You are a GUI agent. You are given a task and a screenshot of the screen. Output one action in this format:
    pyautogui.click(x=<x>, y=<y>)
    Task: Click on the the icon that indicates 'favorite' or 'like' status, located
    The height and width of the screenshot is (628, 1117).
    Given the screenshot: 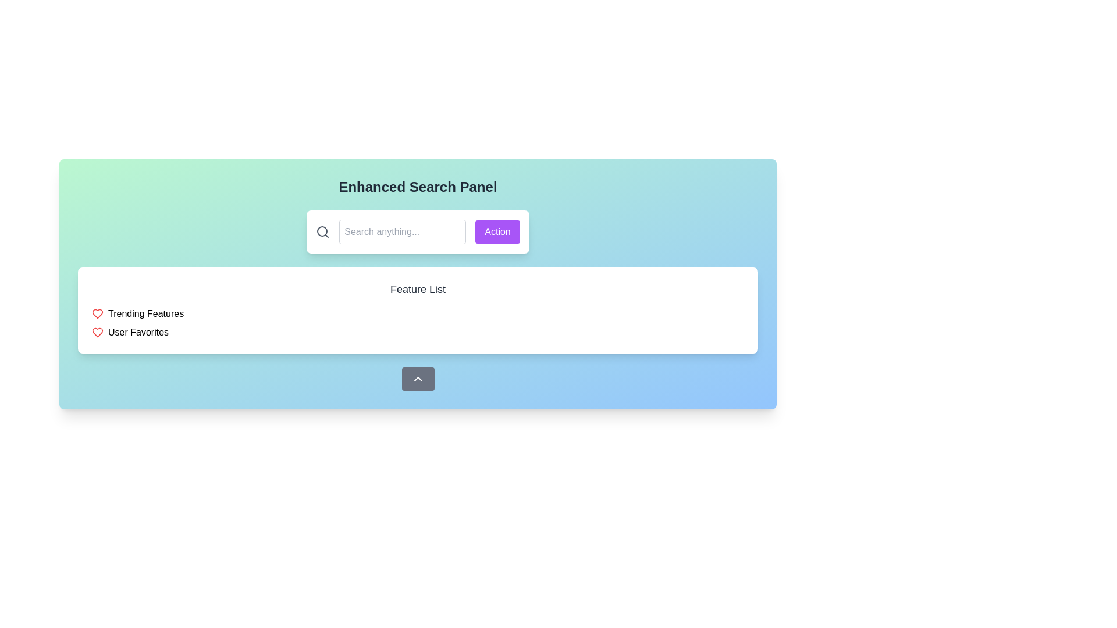 What is the action you would take?
    pyautogui.click(x=98, y=314)
    